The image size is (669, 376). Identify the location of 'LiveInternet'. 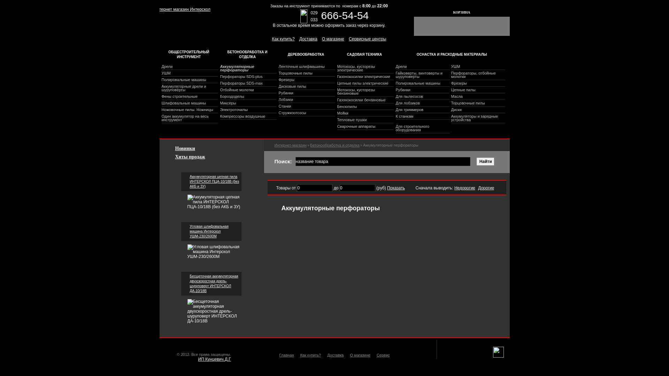
(498, 352).